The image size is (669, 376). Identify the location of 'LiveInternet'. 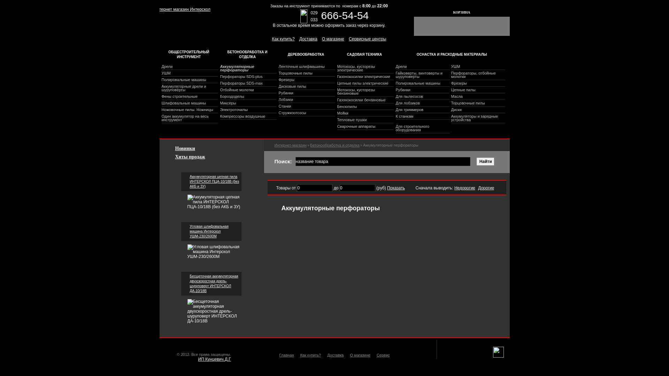
(498, 352).